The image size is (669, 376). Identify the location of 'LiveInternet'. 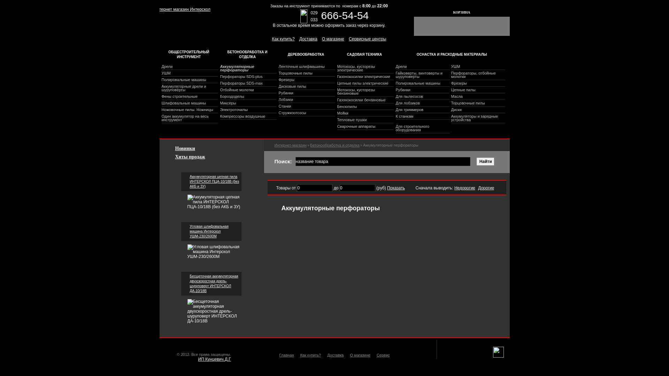
(498, 352).